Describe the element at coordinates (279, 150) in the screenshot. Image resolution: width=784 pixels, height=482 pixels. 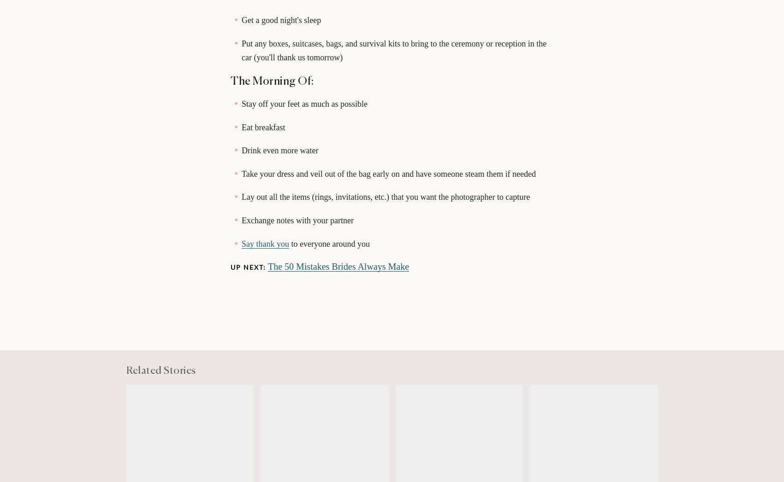
I see `'Drink even more water'` at that location.